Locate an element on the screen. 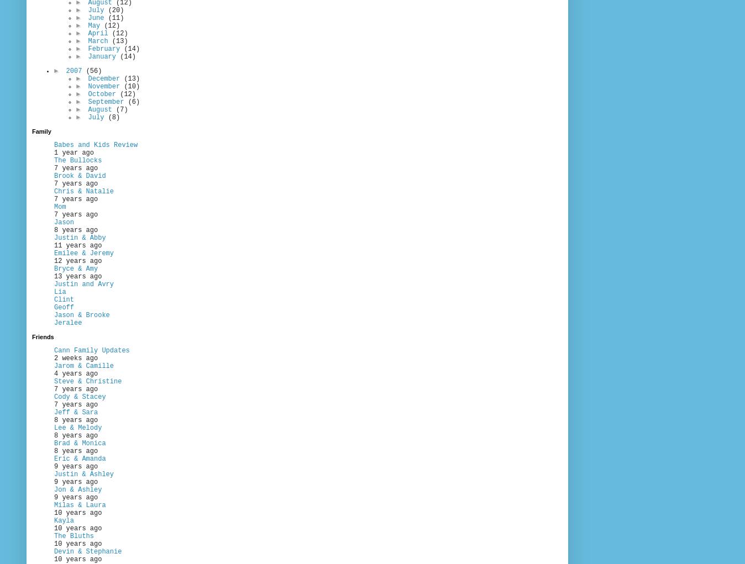 This screenshot has height=564, width=745. 'Milas & Laura' is located at coordinates (79, 505).